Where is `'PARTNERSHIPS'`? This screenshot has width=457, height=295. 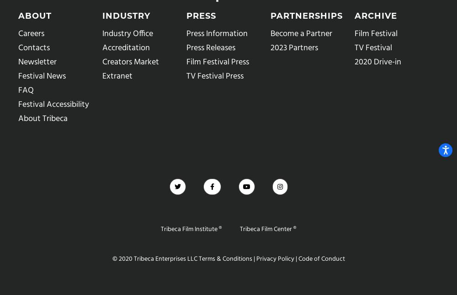
'PARTNERSHIPS' is located at coordinates (307, 16).